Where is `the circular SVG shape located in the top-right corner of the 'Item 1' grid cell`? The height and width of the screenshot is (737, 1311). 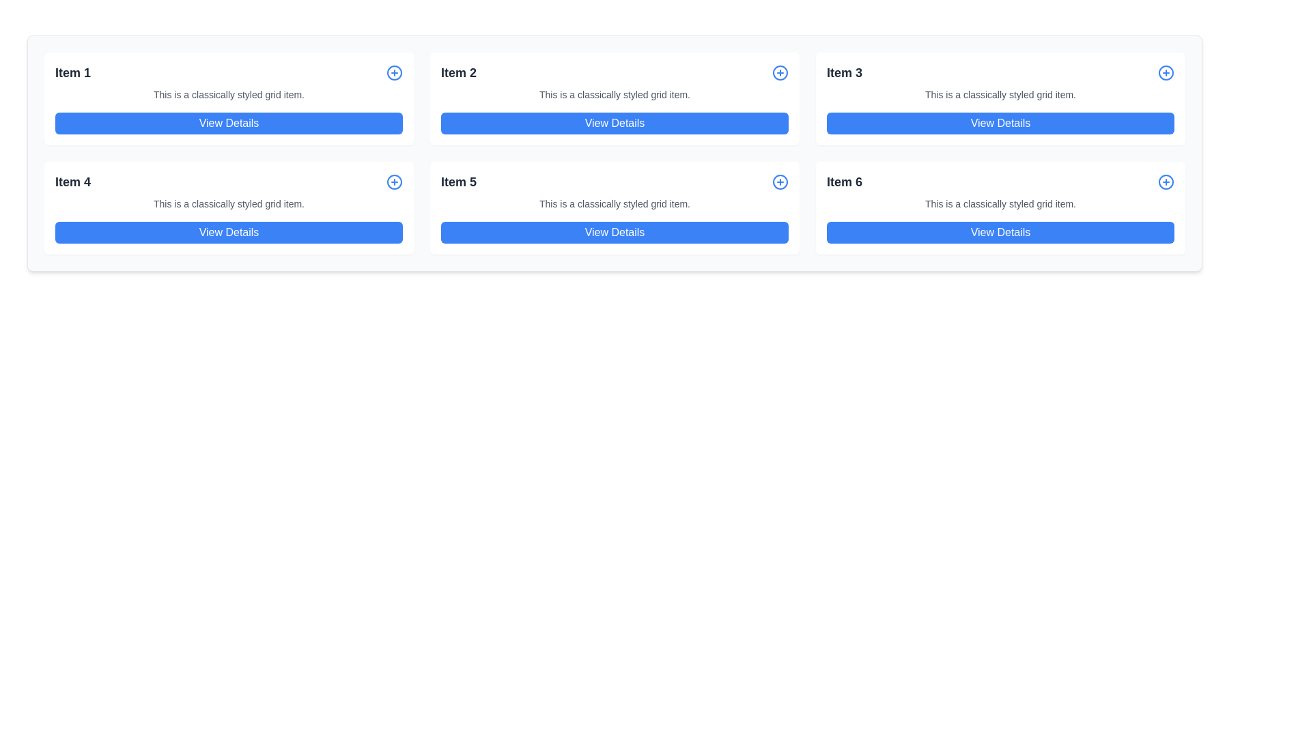 the circular SVG shape located in the top-right corner of the 'Item 1' grid cell is located at coordinates (393, 73).